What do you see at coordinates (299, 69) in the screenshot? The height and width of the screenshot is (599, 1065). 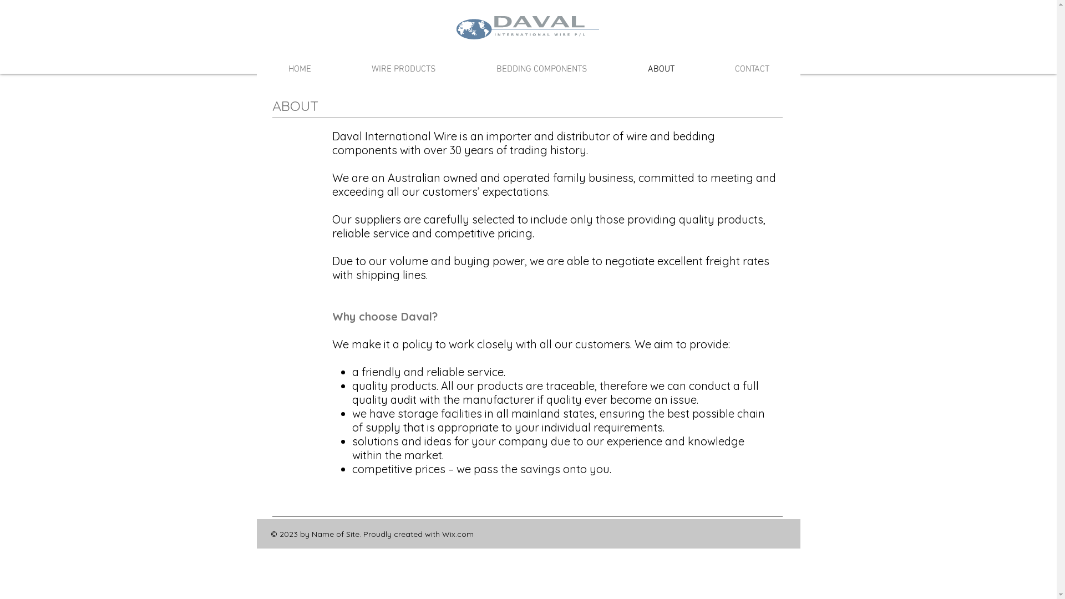 I see `'HOME'` at bounding box center [299, 69].